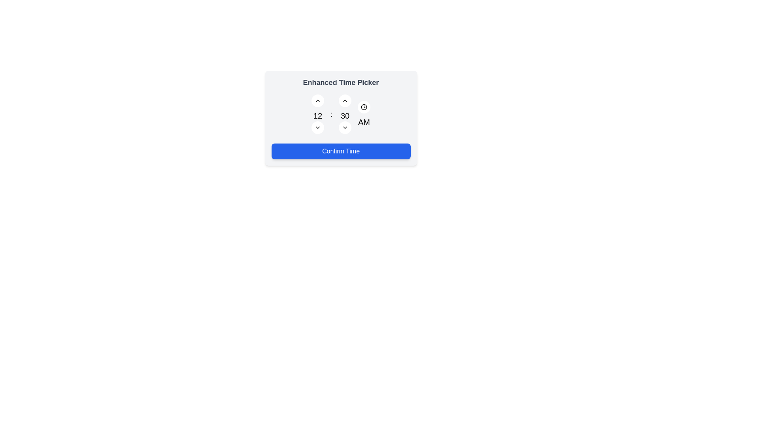 This screenshot has height=427, width=759. What do you see at coordinates (345, 114) in the screenshot?
I see `the increment button of the vertically arranged time selector component, which displays '30' and is located between the hour selector and the meridian selector` at bounding box center [345, 114].